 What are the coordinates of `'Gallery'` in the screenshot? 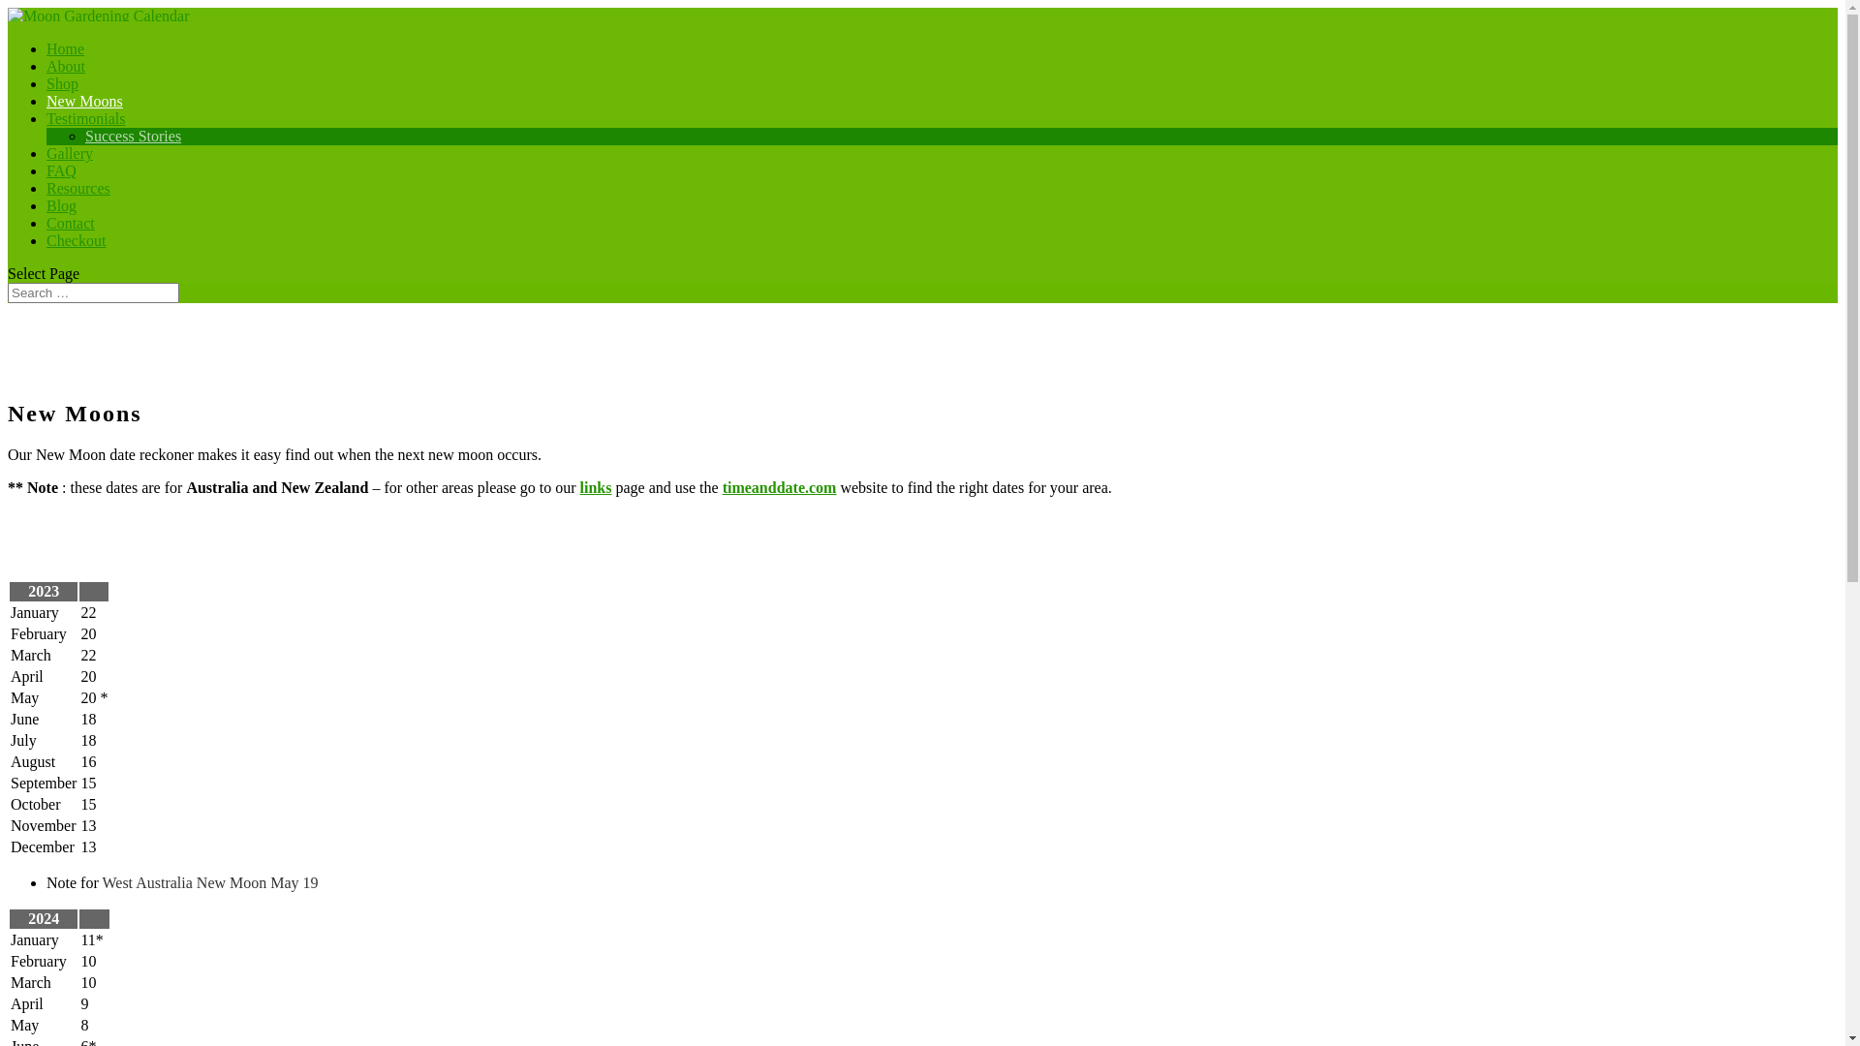 It's located at (70, 161).